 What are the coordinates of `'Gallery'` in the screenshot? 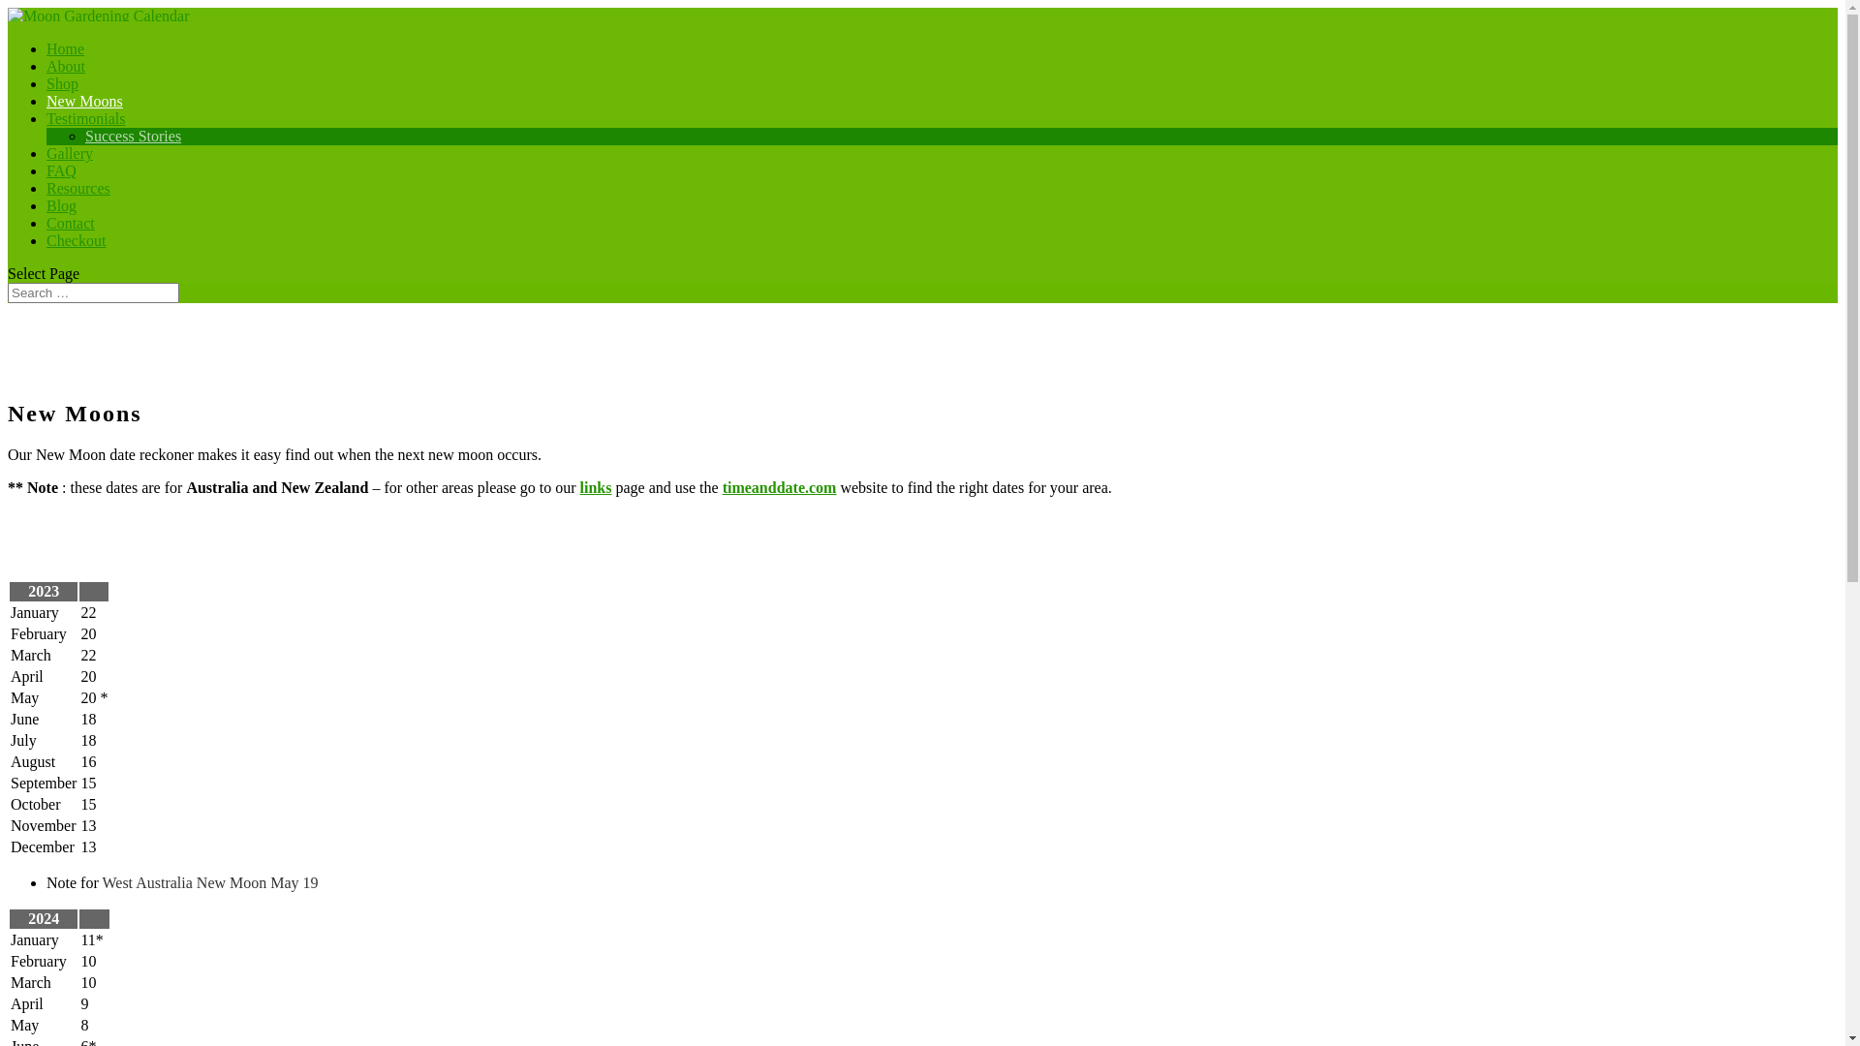 It's located at (70, 161).